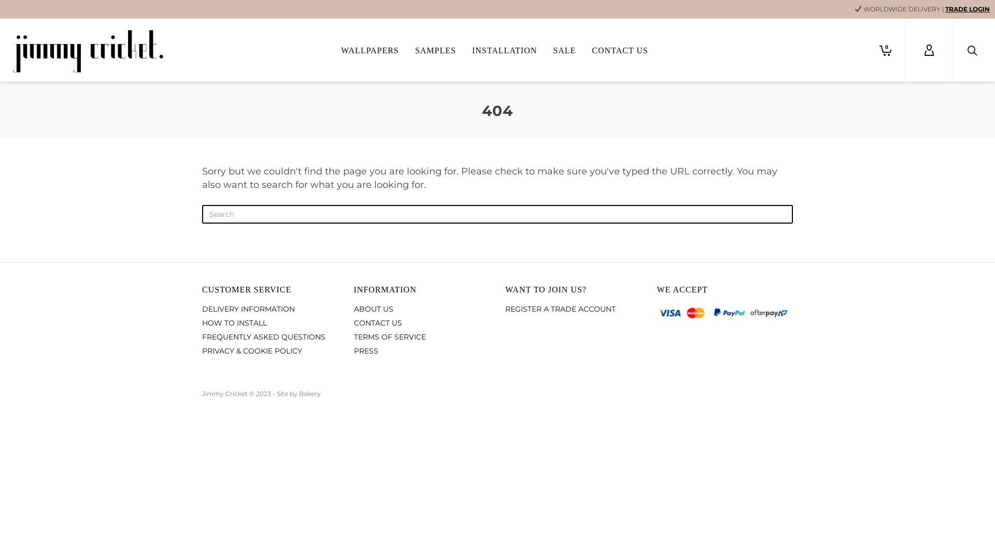 This screenshot has width=995, height=559. I want to click on 'SAMPLES', so click(435, 50).